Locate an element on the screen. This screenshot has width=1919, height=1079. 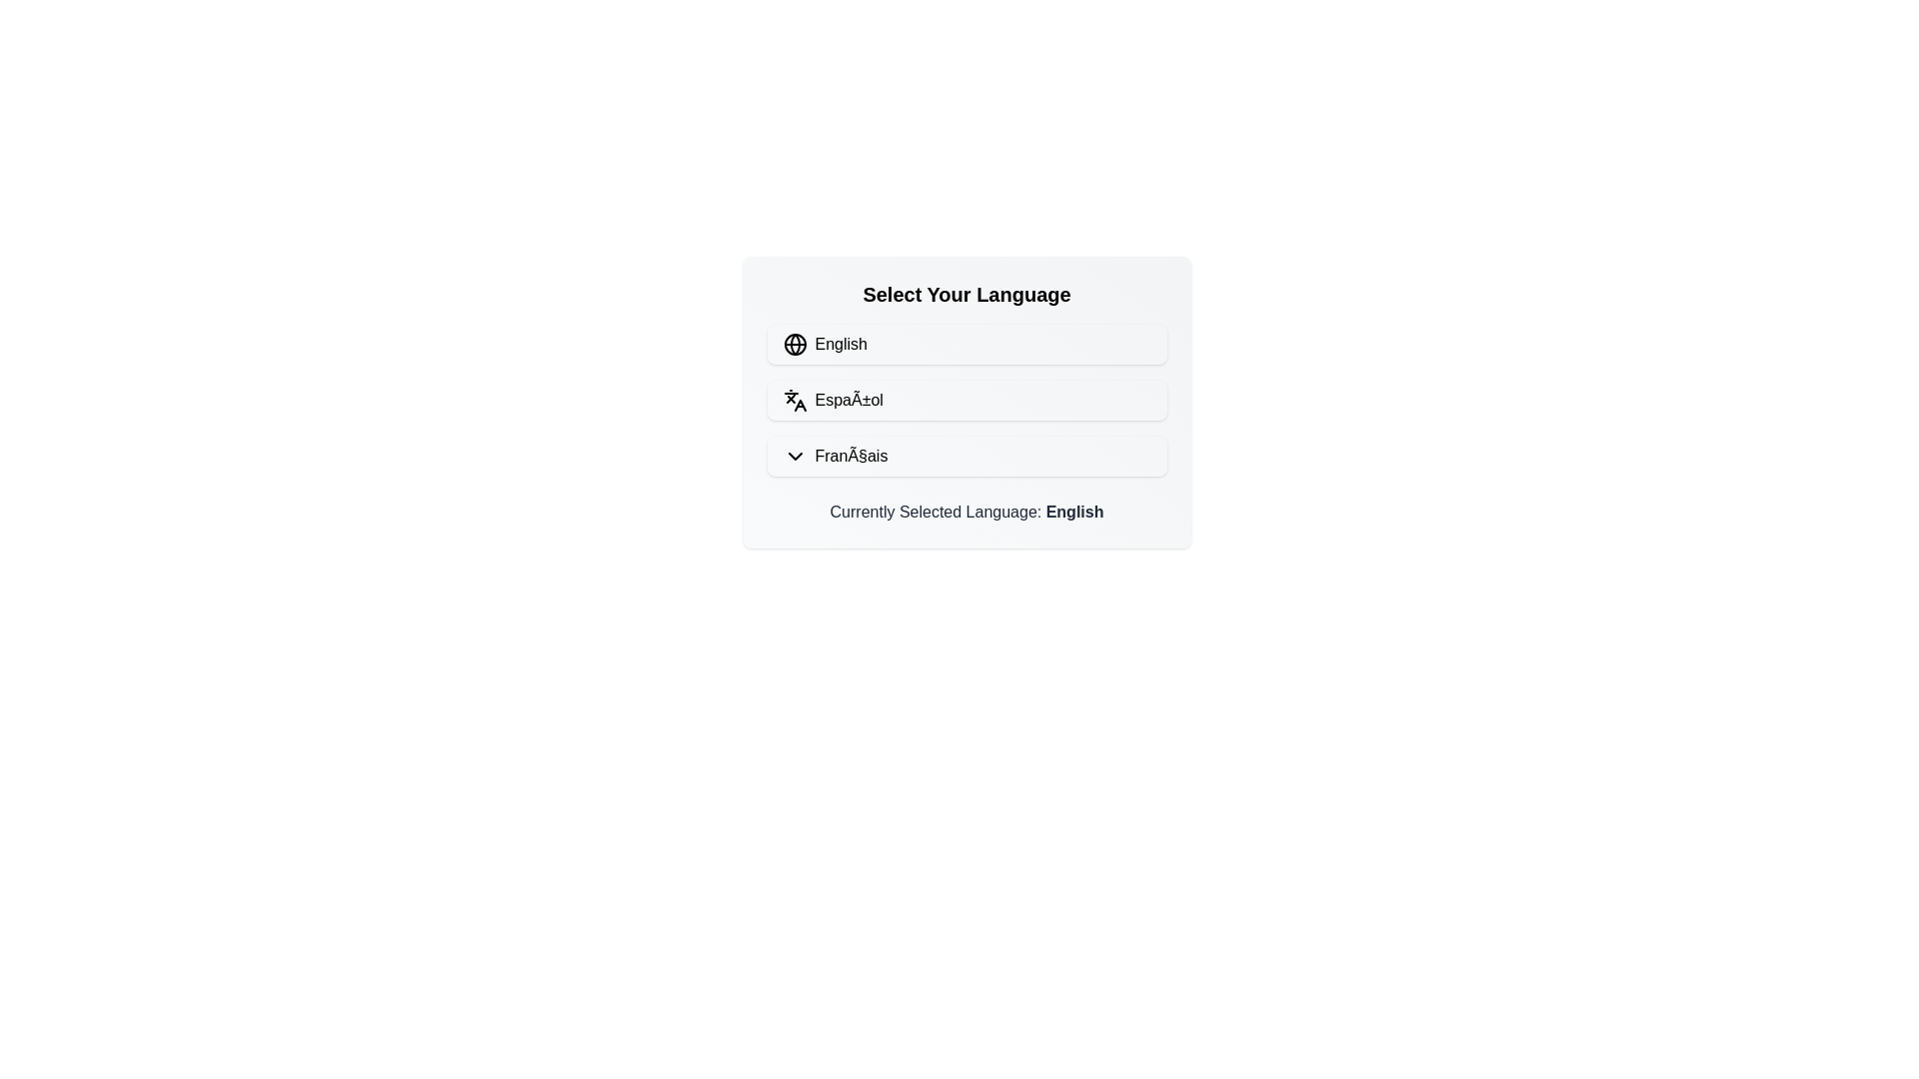
the 'FranÃ§ais' text label within the language selection dropdown menu is located at coordinates (851, 456).